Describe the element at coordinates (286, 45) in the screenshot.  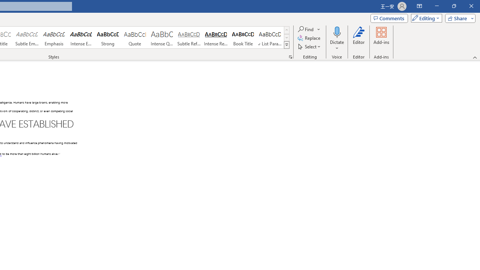
I see `'Class: NetUIImage'` at that location.